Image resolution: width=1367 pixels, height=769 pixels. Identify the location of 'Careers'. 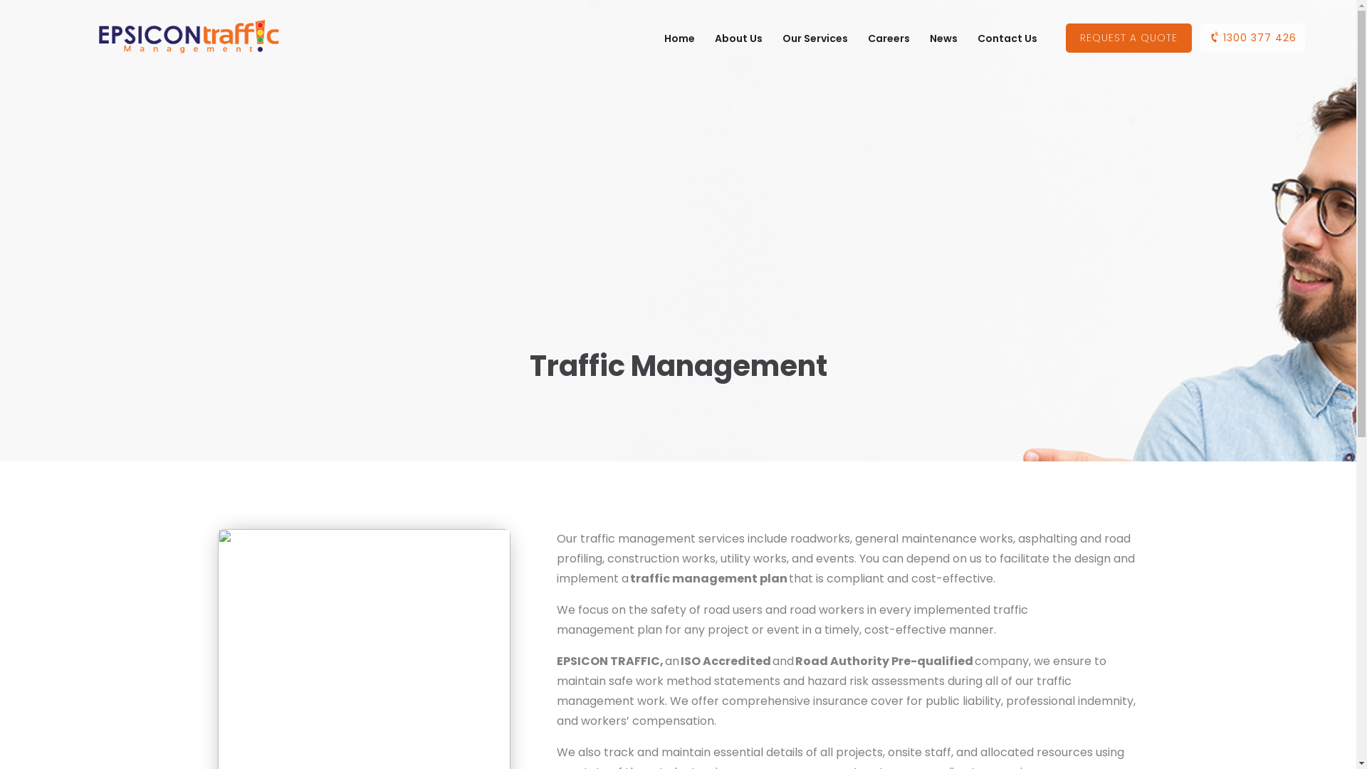
(888, 38).